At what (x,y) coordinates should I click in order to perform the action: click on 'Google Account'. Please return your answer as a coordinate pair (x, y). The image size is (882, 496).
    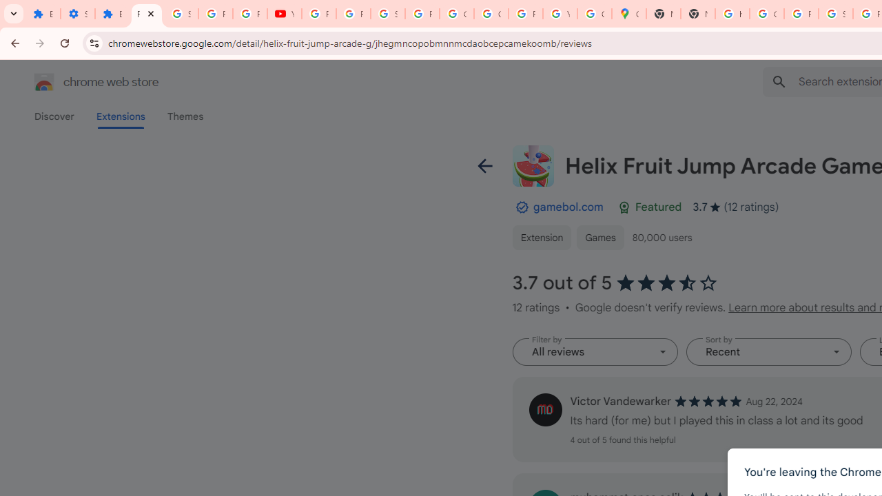
    Looking at the image, I should click on (457, 14).